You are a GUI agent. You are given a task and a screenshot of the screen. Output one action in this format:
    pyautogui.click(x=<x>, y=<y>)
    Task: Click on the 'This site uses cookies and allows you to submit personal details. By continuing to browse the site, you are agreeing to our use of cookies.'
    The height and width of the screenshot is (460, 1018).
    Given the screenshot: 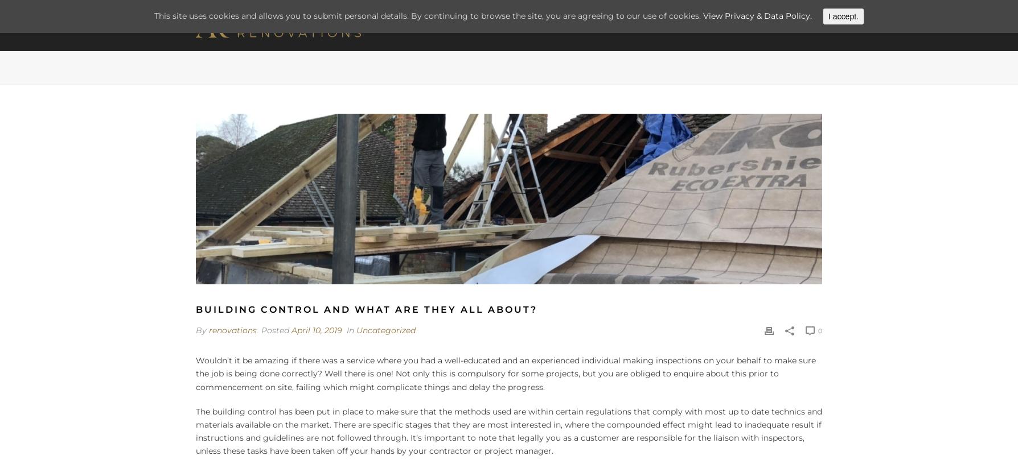 What is the action you would take?
    pyautogui.click(x=428, y=15)
    